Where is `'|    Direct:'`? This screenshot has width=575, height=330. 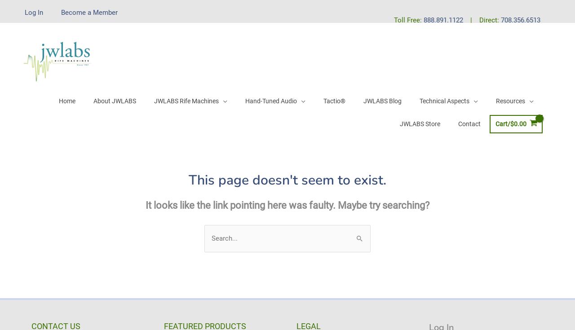 '|    Direct:' is located at coordinates (482, 19).